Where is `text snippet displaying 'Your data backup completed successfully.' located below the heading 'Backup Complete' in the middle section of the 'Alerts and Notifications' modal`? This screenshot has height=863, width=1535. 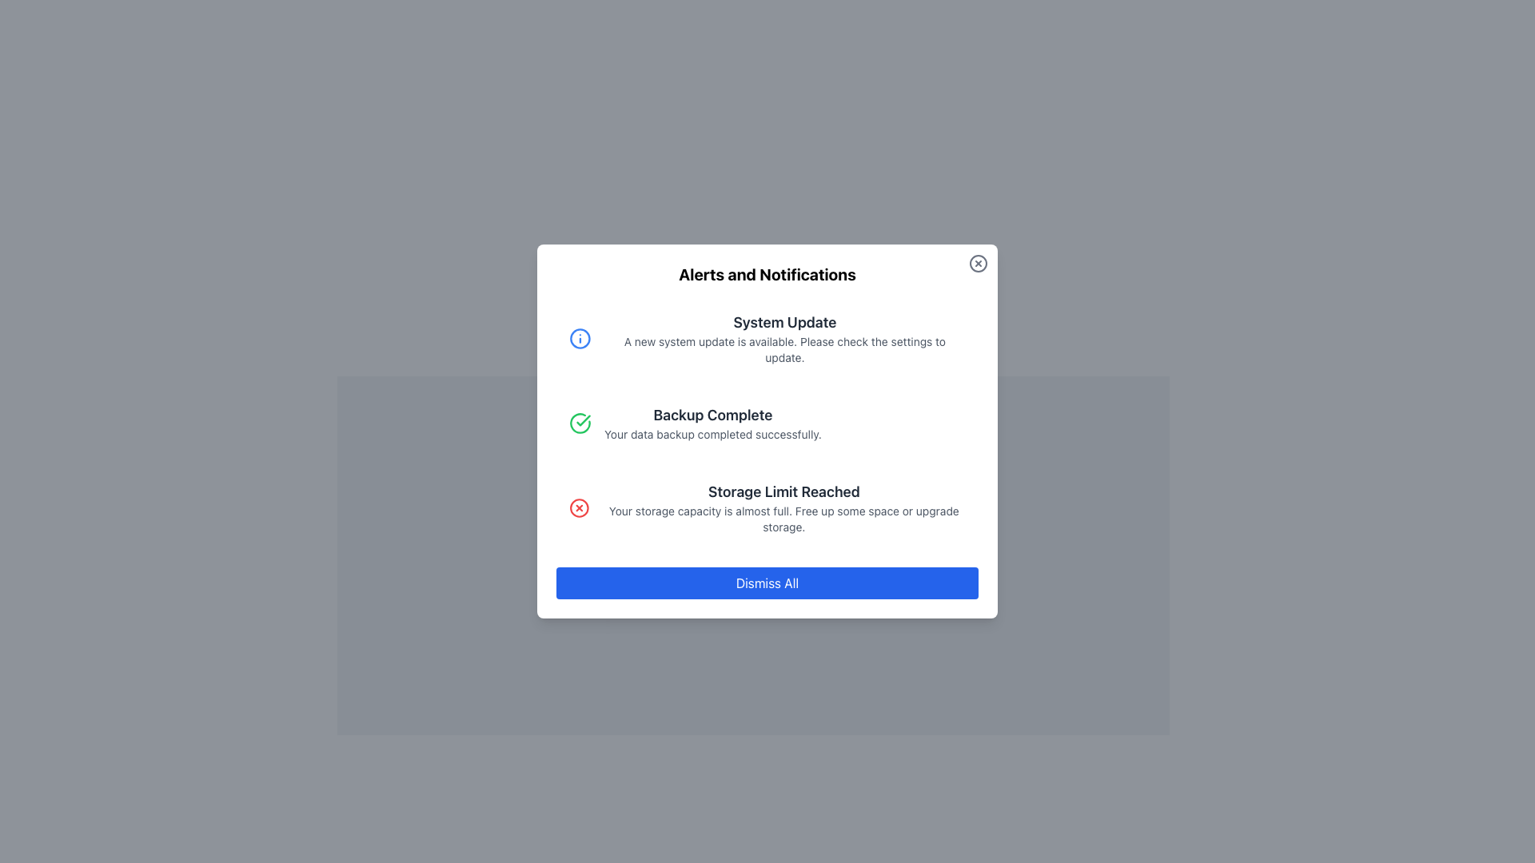 text snippet displaying 'Your data backup completed successfully.' located below the heading 'Backup Complete' in the middle section of the 'Alerts and Notifications' modal is located at coordinates (712, 434).